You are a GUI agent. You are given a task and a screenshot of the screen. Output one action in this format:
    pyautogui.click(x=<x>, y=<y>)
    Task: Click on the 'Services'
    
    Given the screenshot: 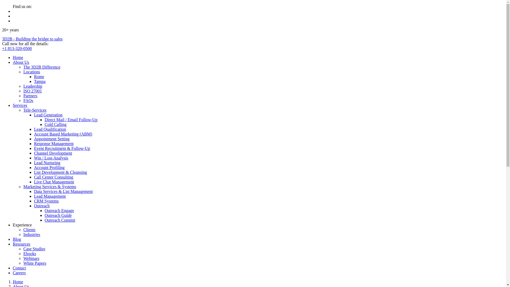 What is the action you would take?
    pyautogui.click(x=13, y=105)
    